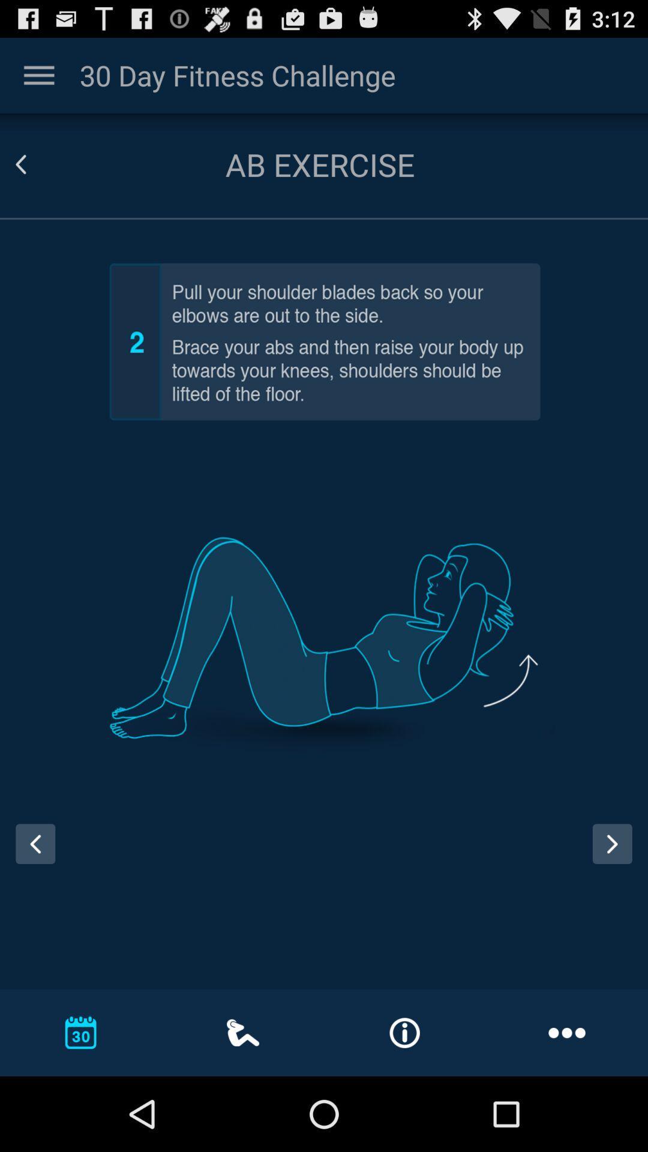 This screenshot has height=1152, width=648. What do you see at coordinates (616, 854) in the screenshot?
I see `next` at bounding box center [616, 854].